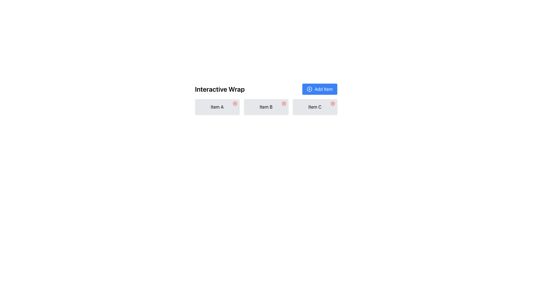 This screenshot has width=533, height=300. I want to click on the small circular red icon with a cross symbol located at the top-right corner of the 'Item A' button to trigger its hover effect, so click(235, 104).